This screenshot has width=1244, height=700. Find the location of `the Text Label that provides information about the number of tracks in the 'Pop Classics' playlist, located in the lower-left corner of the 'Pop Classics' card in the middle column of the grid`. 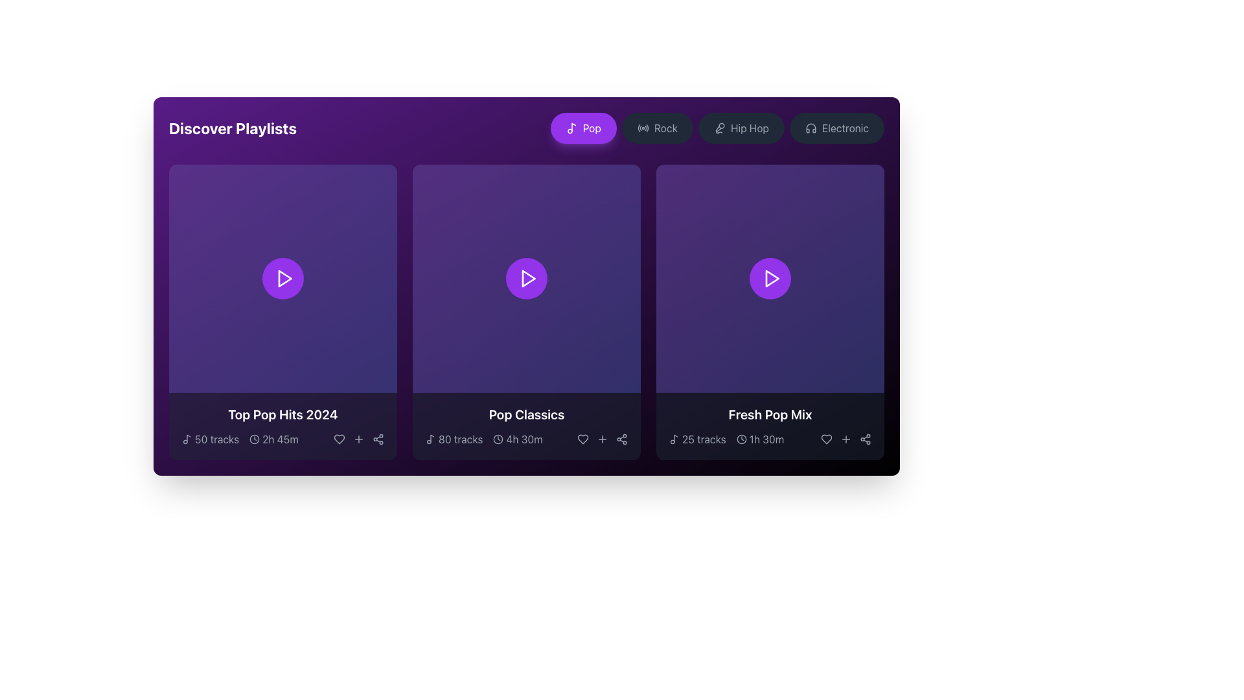

the Text Label that provides information about the number of tracks in the 'Pop Classics' playlist, located in the lower-left corner of the 'Pop Classics' card in the middle column of the grid is located at coordinates (461, 439).